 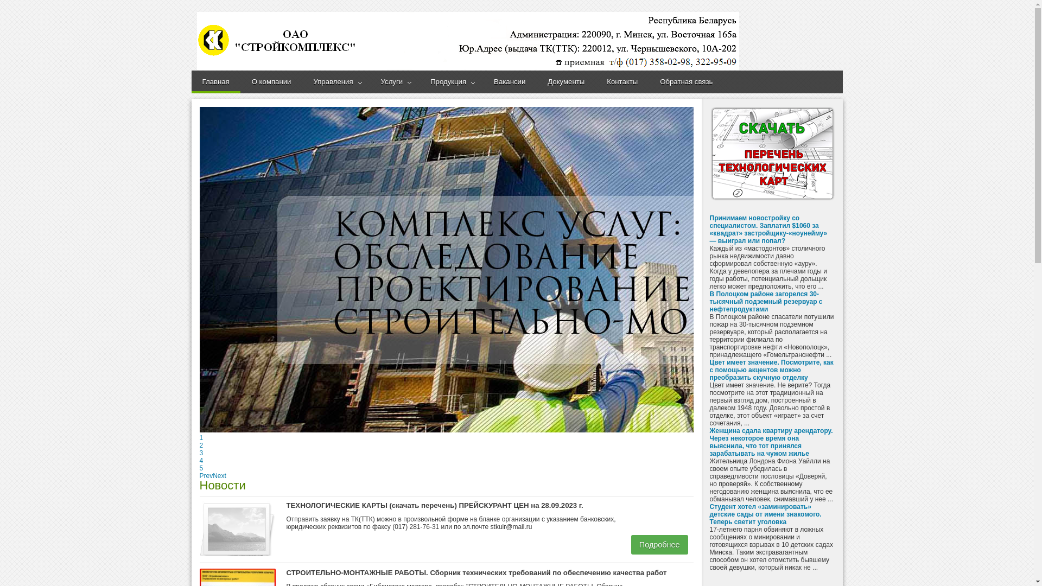 I want to click on 'Prev', so click(x=206, y=475).